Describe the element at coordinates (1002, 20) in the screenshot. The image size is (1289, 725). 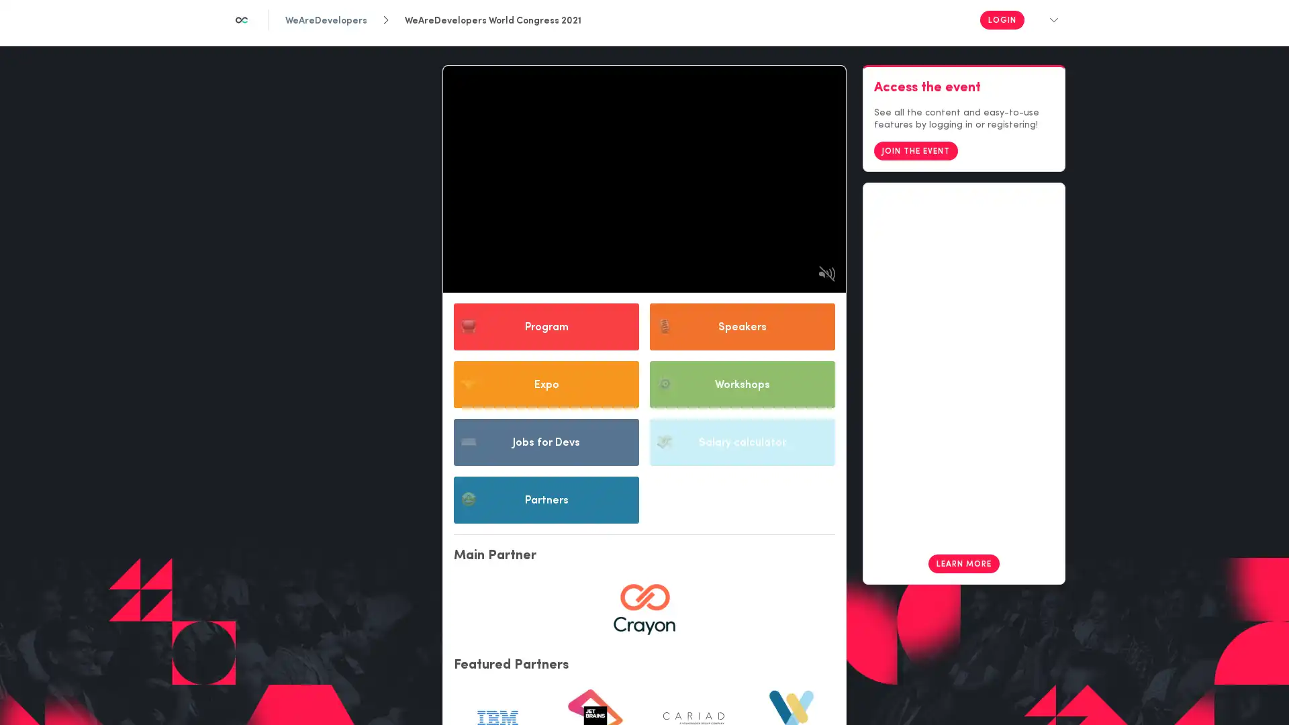
I see `Login` at that location.